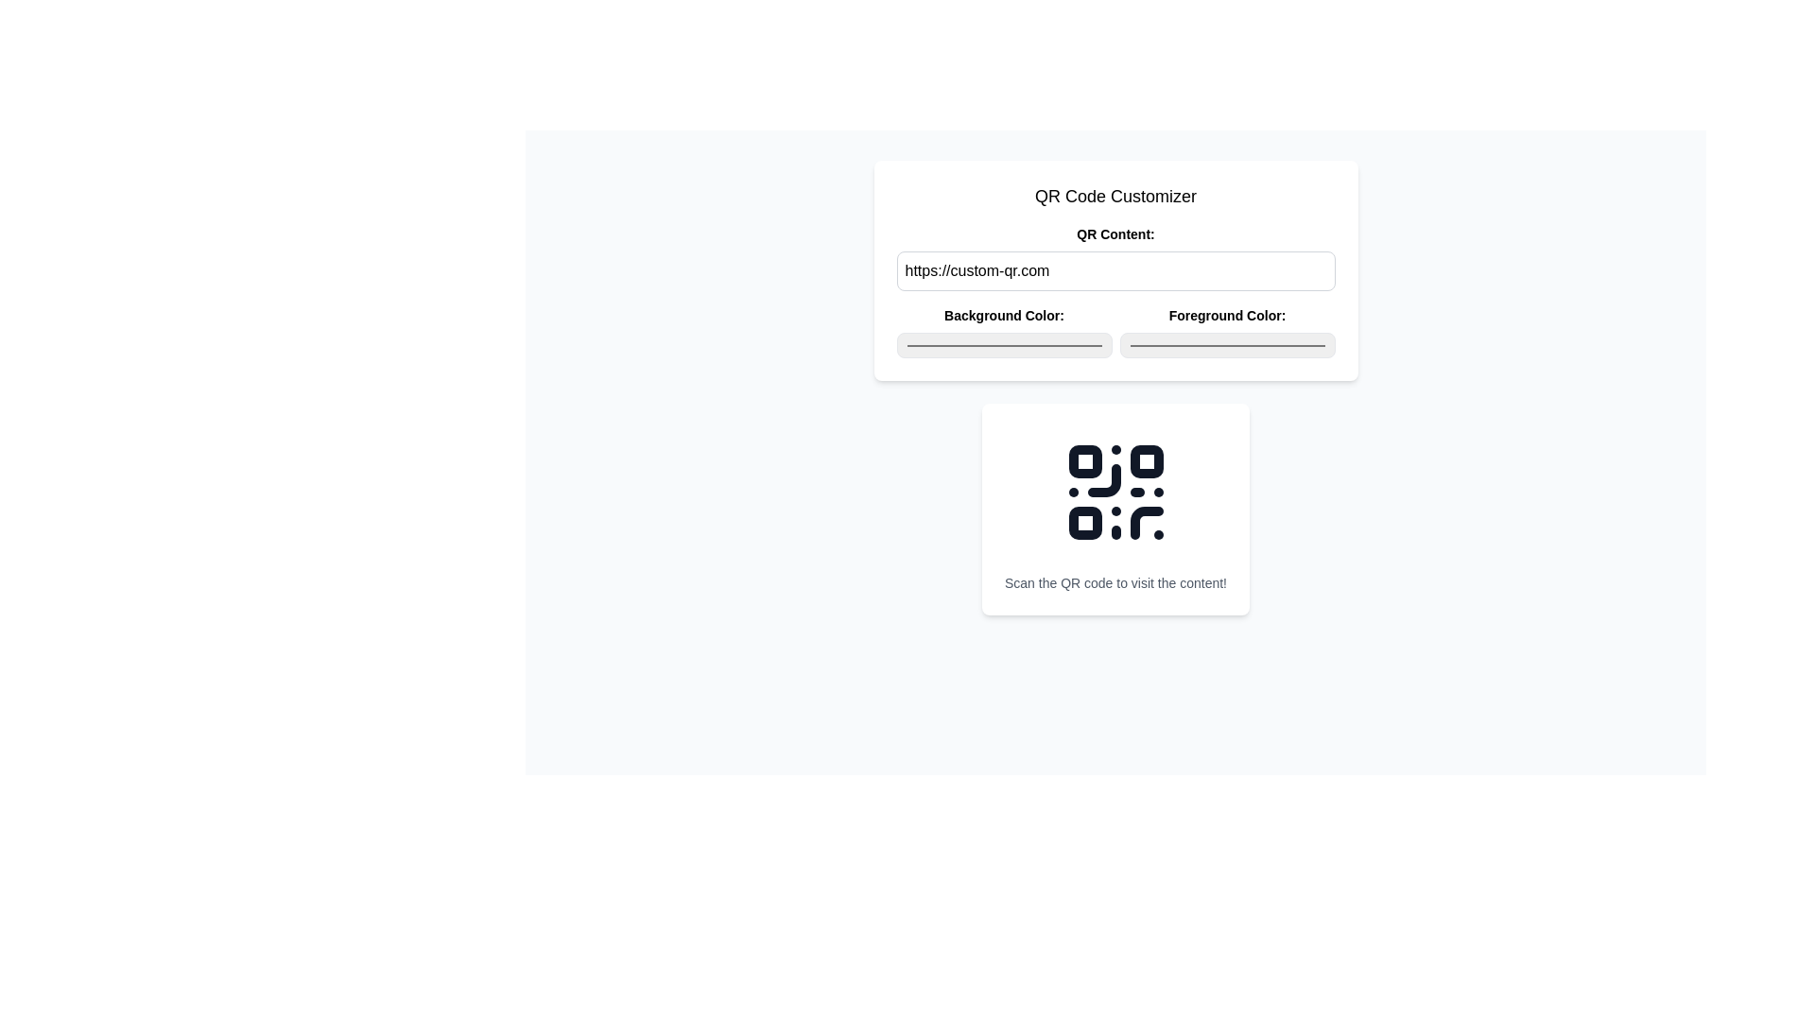 This screenshot has width=1815, height=1021. Describe the element at coordinates (1103, 479) in the screenshot. I see `the decorative graphical element resembling a curved line segment in the QR code, located in the lower-left quadrant, right of the top-left large square and below the horizontal bar` at that location.